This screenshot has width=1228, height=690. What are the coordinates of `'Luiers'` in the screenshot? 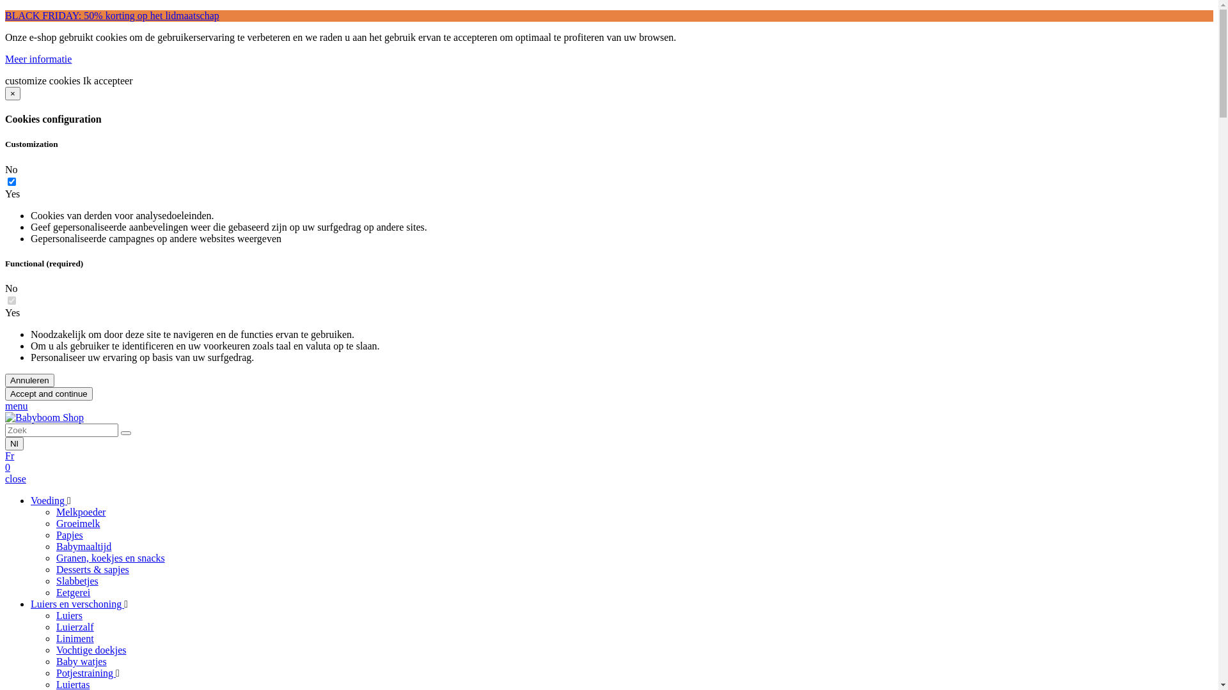 It's located at (68, 615).